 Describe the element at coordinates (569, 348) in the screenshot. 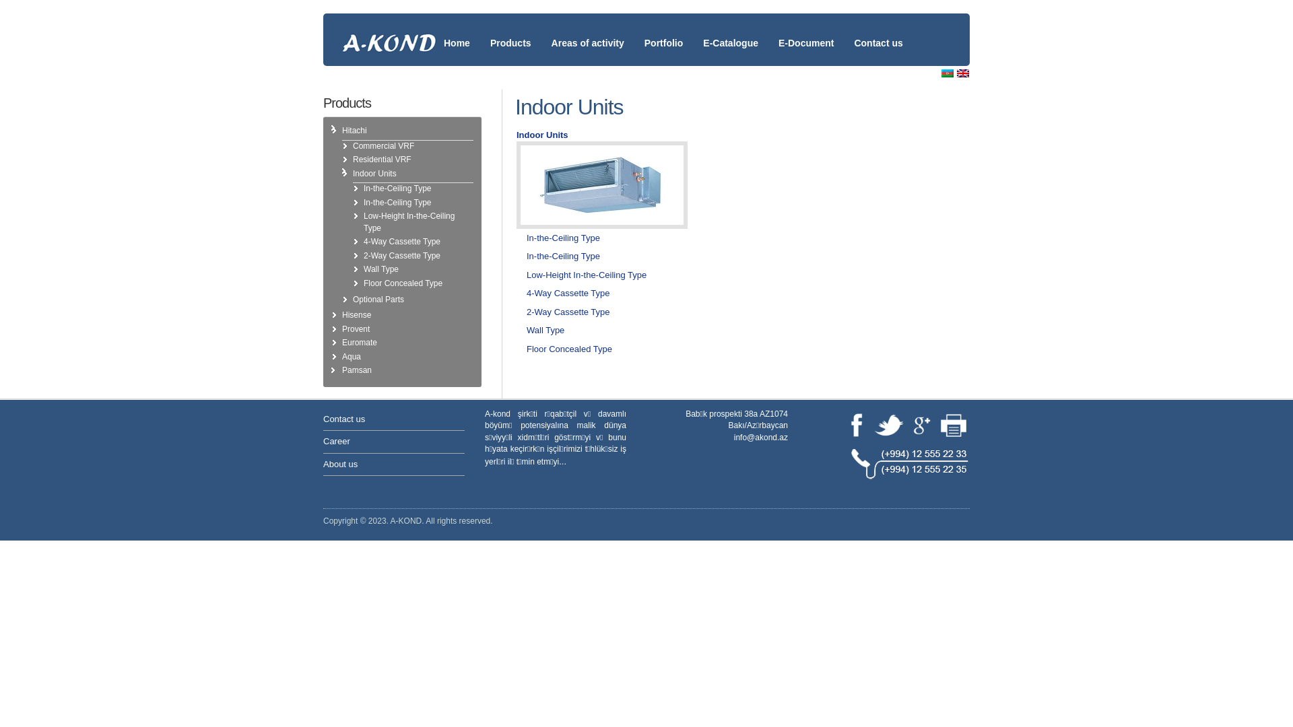

I see `'Floor Concealed Type'` at that location.